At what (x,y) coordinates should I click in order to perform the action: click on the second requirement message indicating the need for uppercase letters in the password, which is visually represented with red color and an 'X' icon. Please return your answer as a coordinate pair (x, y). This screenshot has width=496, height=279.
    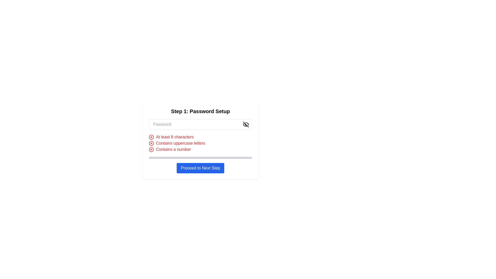
    Looking at the image, I should click on (200, 143).